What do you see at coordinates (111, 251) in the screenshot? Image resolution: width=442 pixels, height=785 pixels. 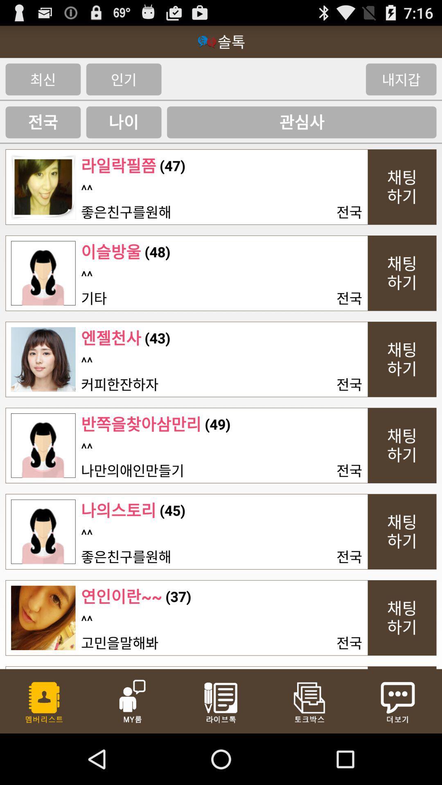 I see `item next to  (48)` at bounding box center [111, 251].